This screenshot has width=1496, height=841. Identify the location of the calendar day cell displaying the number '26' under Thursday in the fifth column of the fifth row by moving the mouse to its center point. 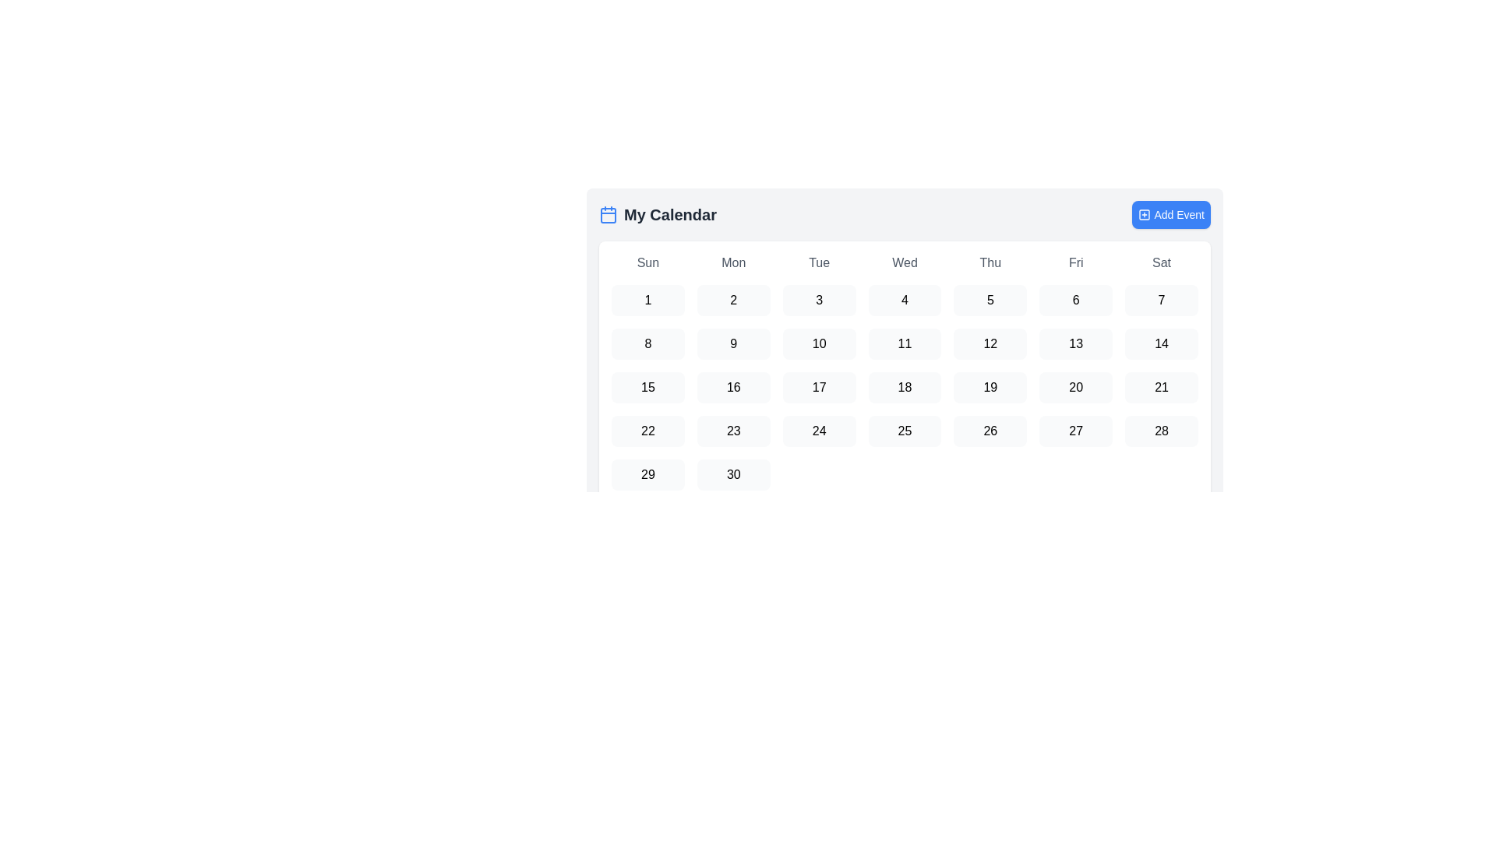
(990, 431).